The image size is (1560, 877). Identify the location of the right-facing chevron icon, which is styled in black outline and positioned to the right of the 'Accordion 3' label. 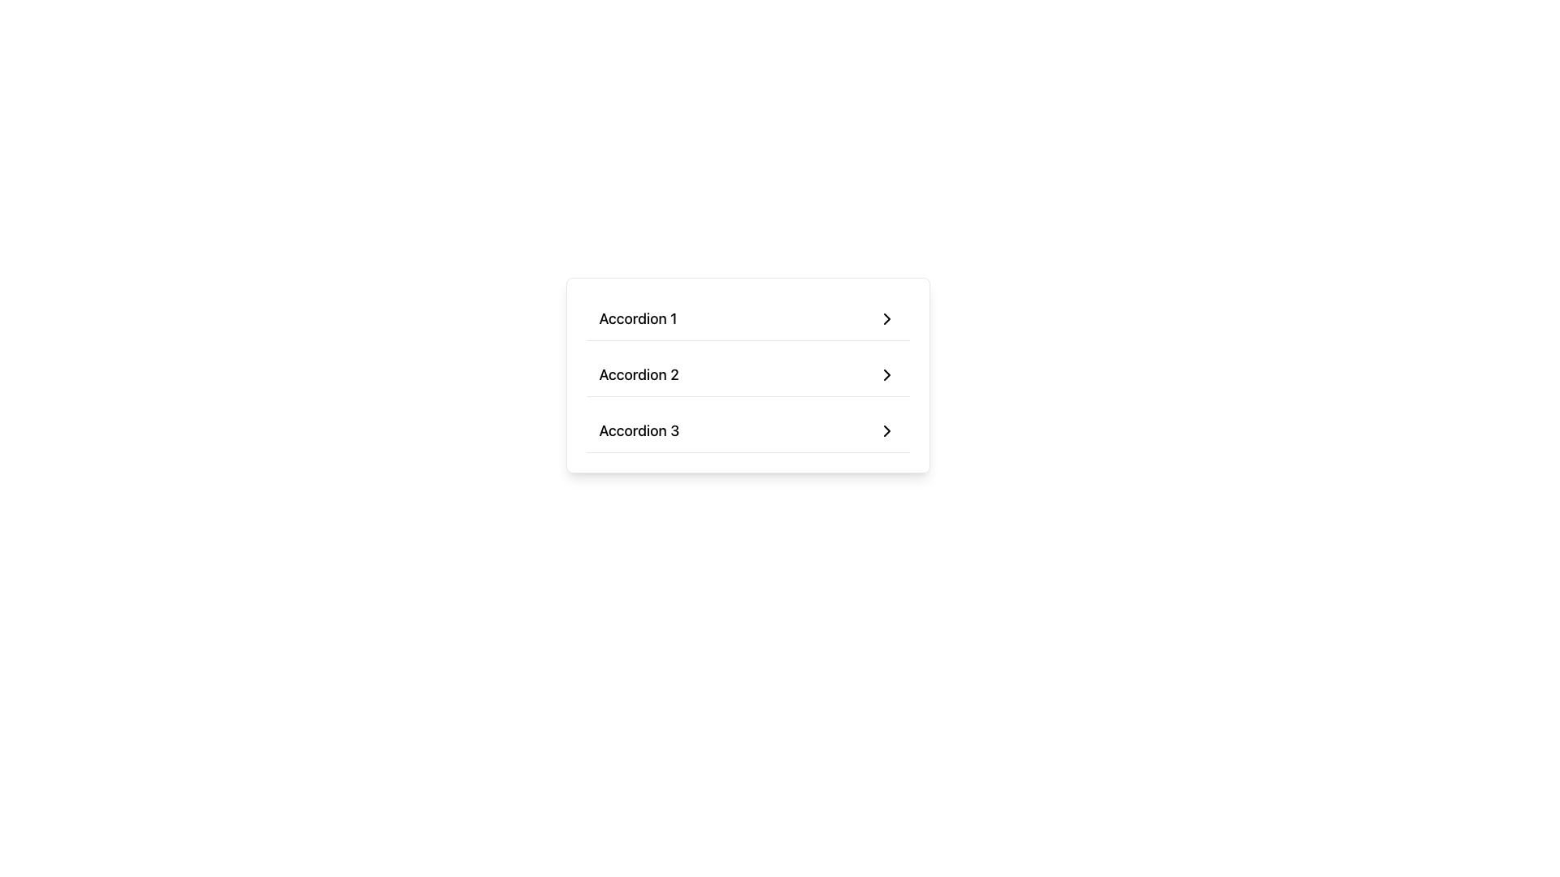
(886, 430).